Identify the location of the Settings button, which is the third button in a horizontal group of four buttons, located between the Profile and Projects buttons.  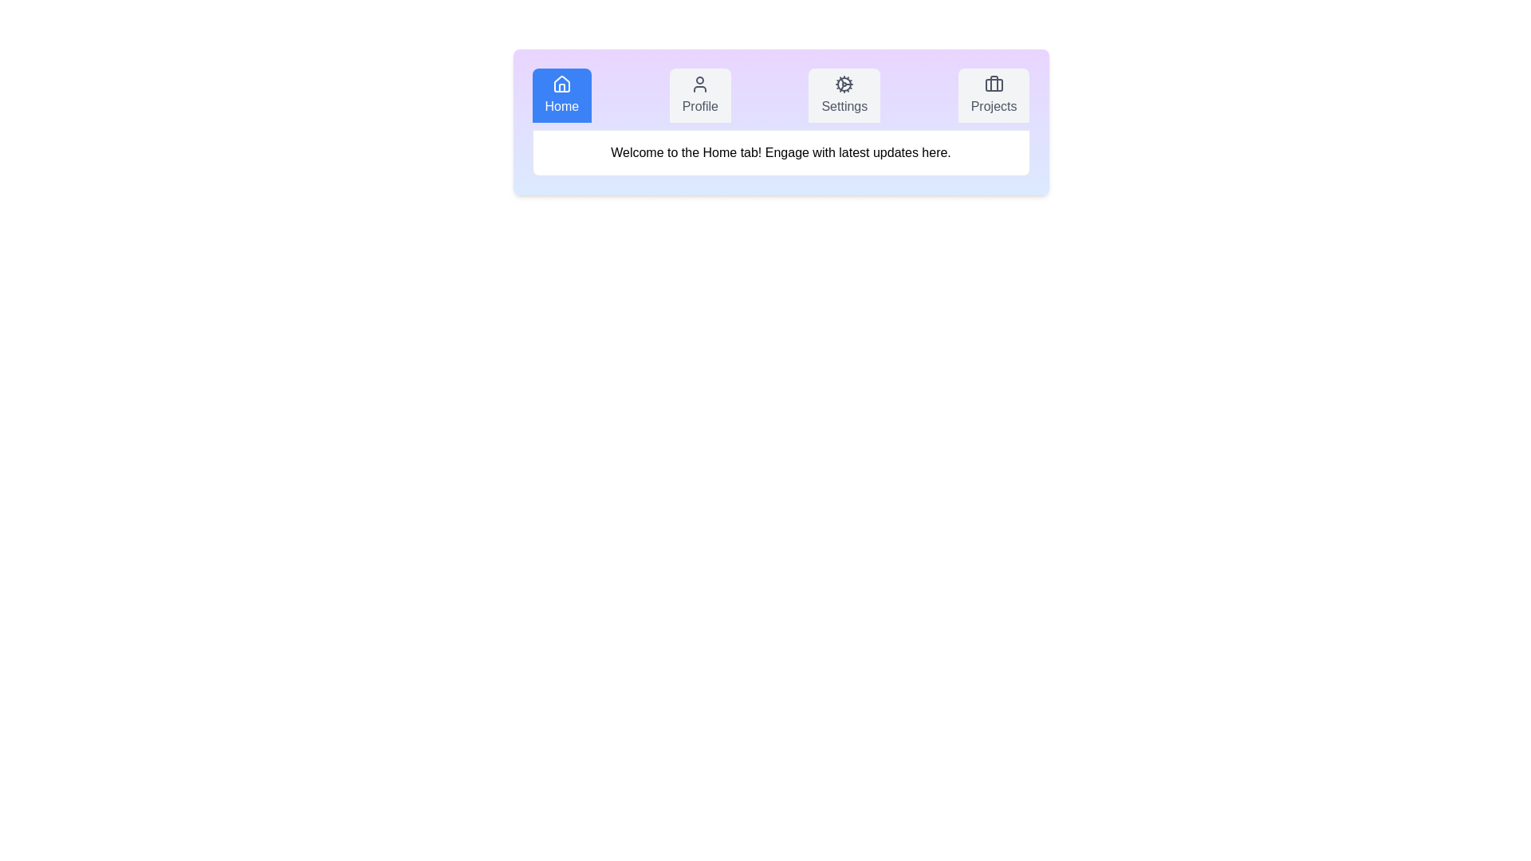
(844, 95).